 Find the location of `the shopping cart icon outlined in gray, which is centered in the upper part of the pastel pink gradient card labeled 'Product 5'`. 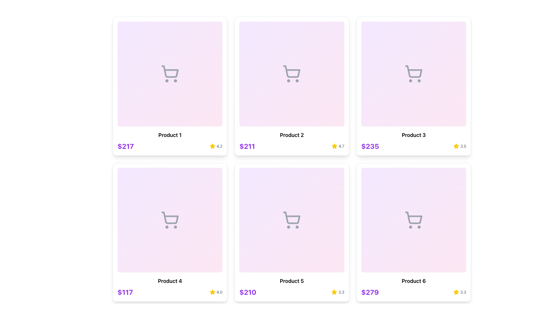

the shopping cart icon outlined in gray, which is centered in the upper part of the pastel pink gradient card labeled 'Product 5' is located at coordinates (292, 220).